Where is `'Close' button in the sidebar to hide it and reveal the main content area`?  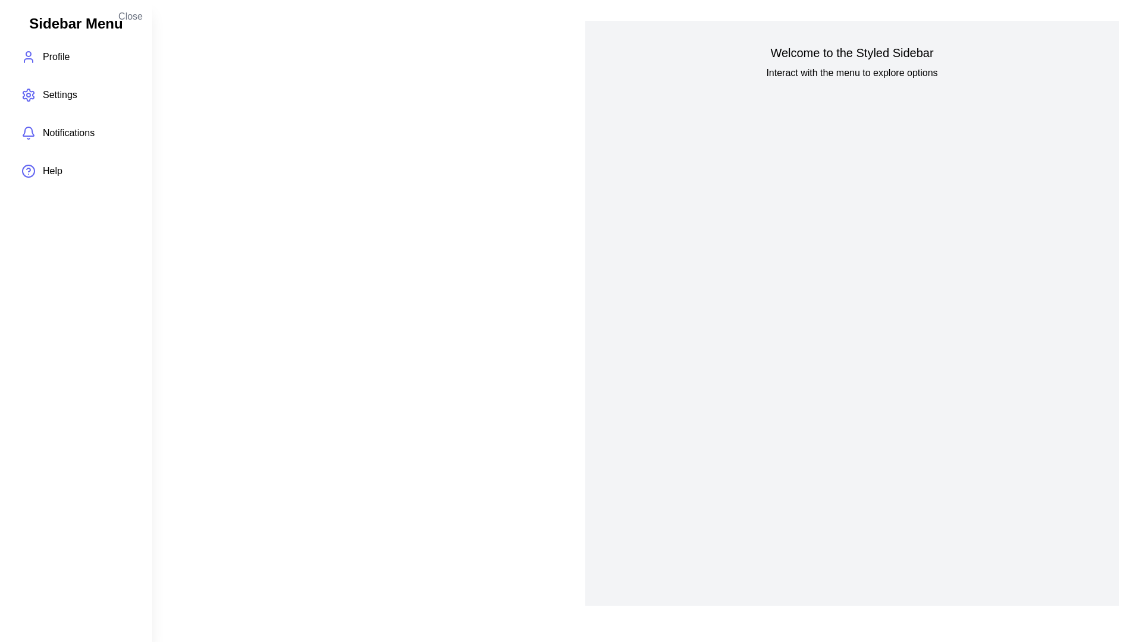 'Close' button in the sidebar to hide it and reveal the main content area is located at coordinates (130, 16).